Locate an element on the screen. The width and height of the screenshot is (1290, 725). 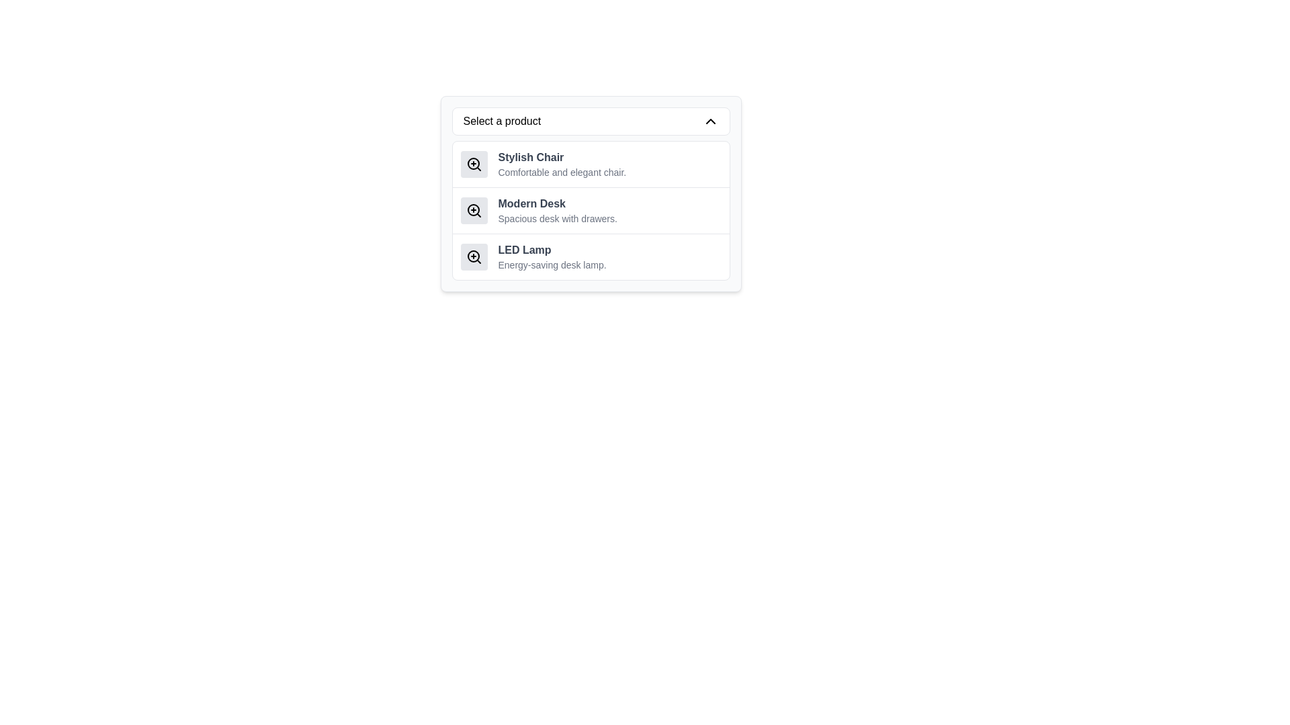
the third product listing item titled 'LED Lamp' under the heading 'Select a product.' is located at coordinates (533, 256).